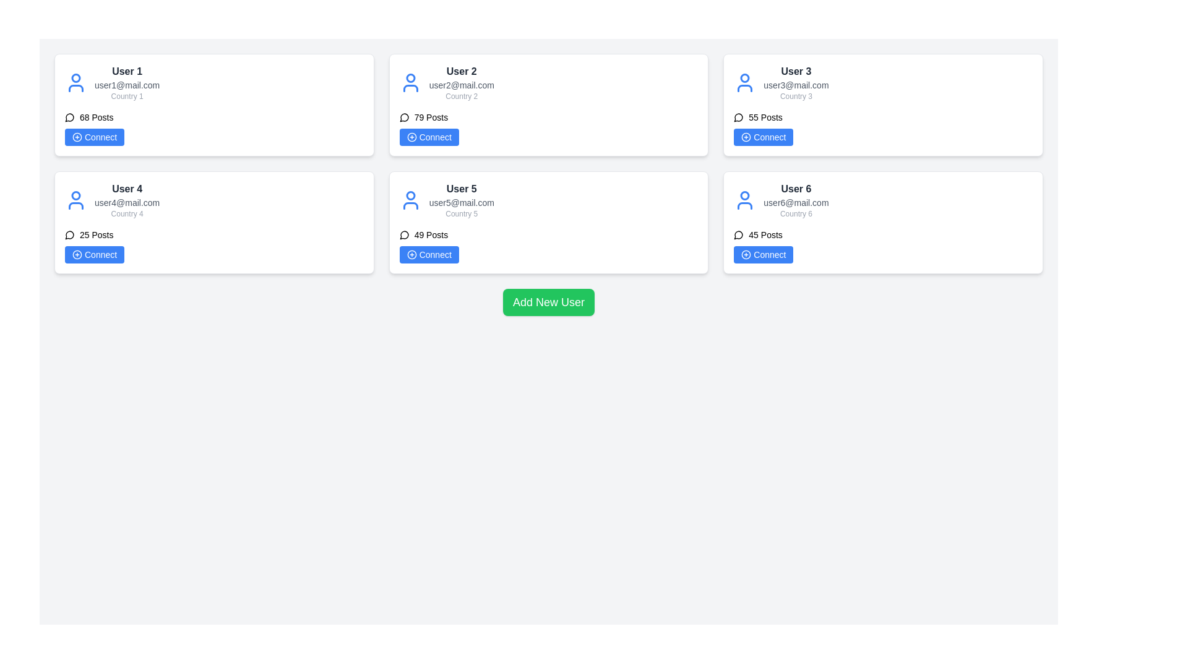  I want to click on the circular SVG icon with visible border located near the 'Connect' button for 'User 4' in the user card, so click(76, 254).